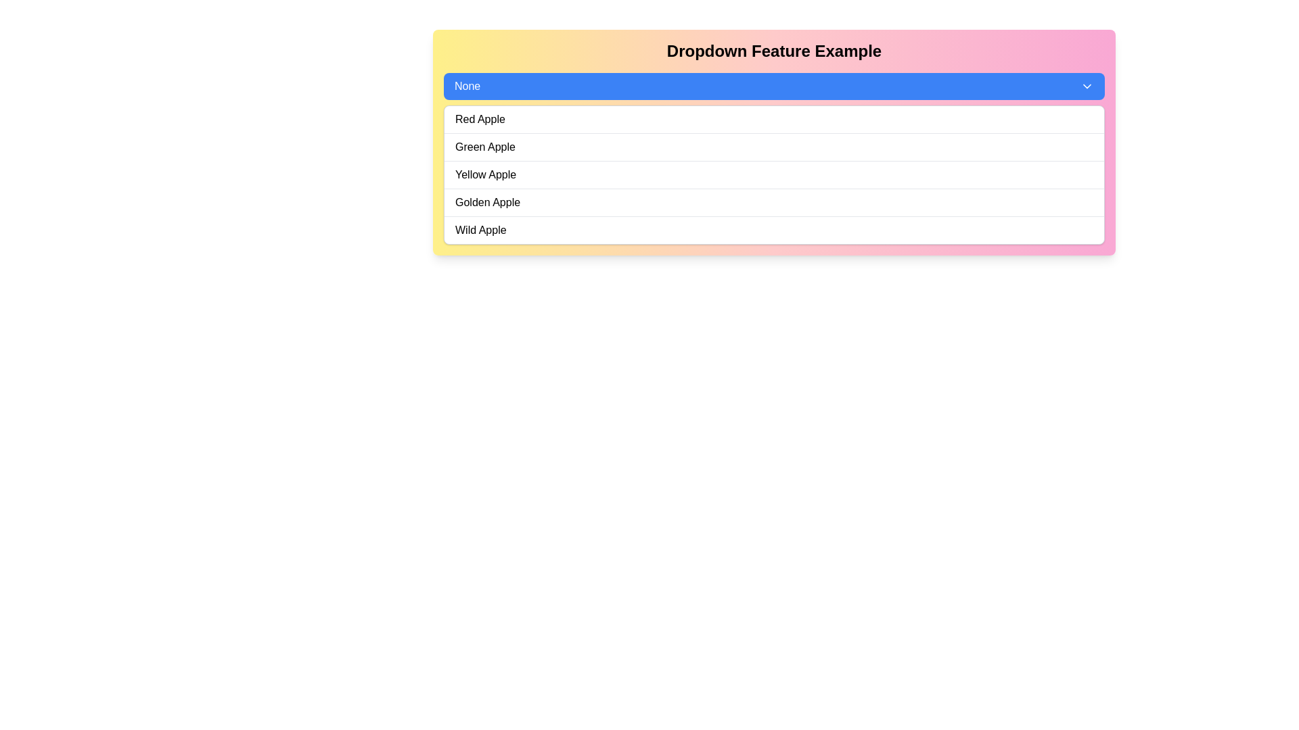 Image resolution: width=1299 pixels, height=730 pixels. I want to click on the downward-pointing chevron icon within the blue dropdown selection box by navigating, so click(1087, 86).